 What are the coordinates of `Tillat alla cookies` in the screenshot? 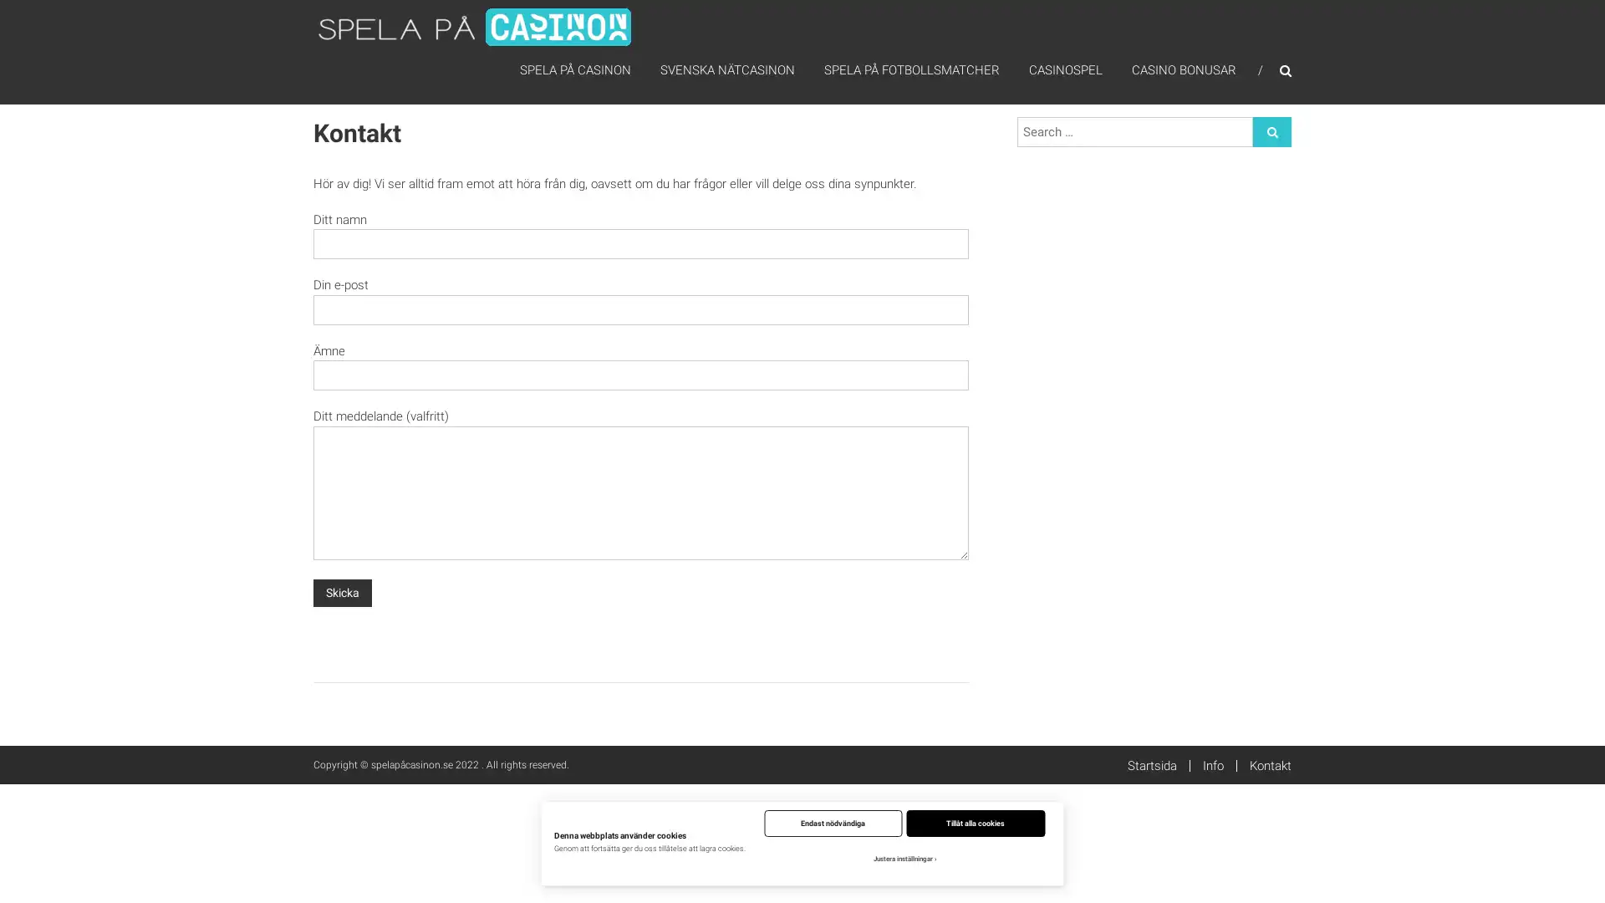 It's located at (975, 822).